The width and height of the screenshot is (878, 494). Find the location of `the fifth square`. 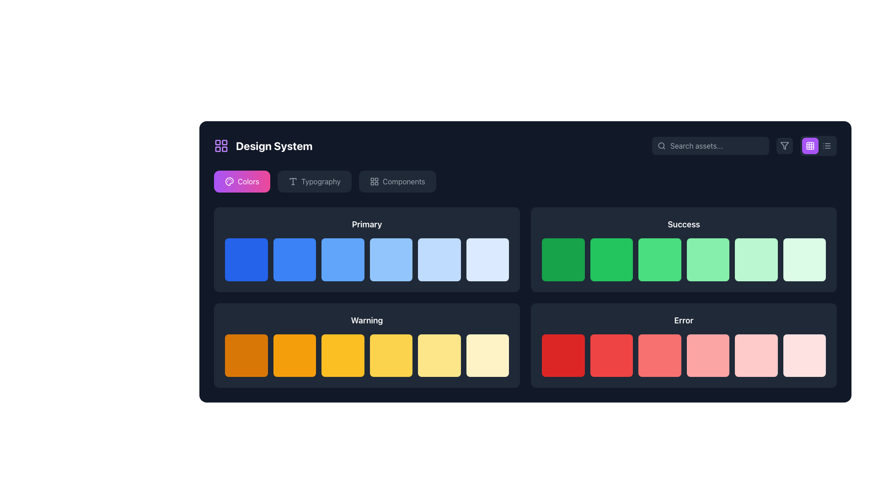

the fifth square is located at coordinates (439, 259).